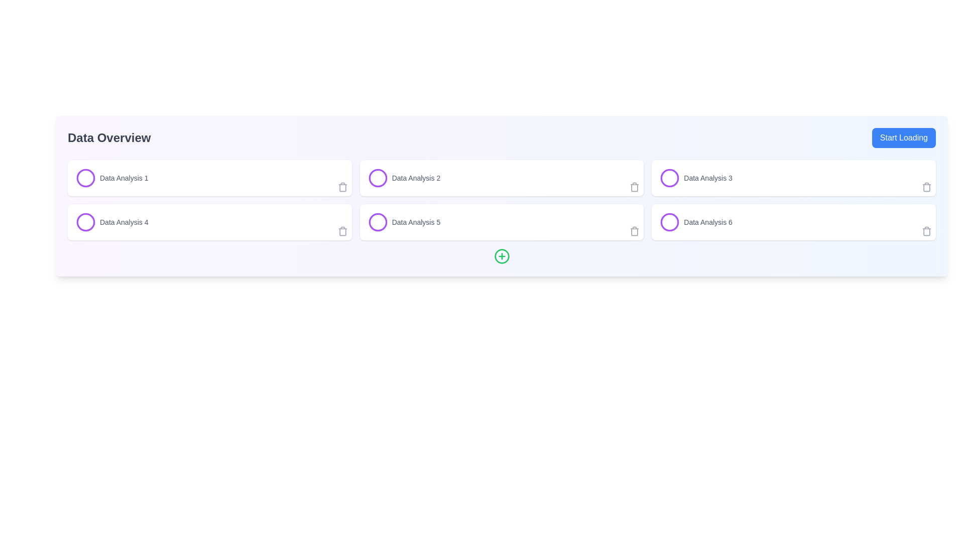 The height and width of the screenshot is (542, 964). What do you see at coordinates (502, 255) in the screenshot?
I see `the button with a plus symbol located at the bottom center of the interface, positioned between the rows labeled 'Data Analysis 1' through 'Data Analysis 6'` at bounding box center [502, 255].